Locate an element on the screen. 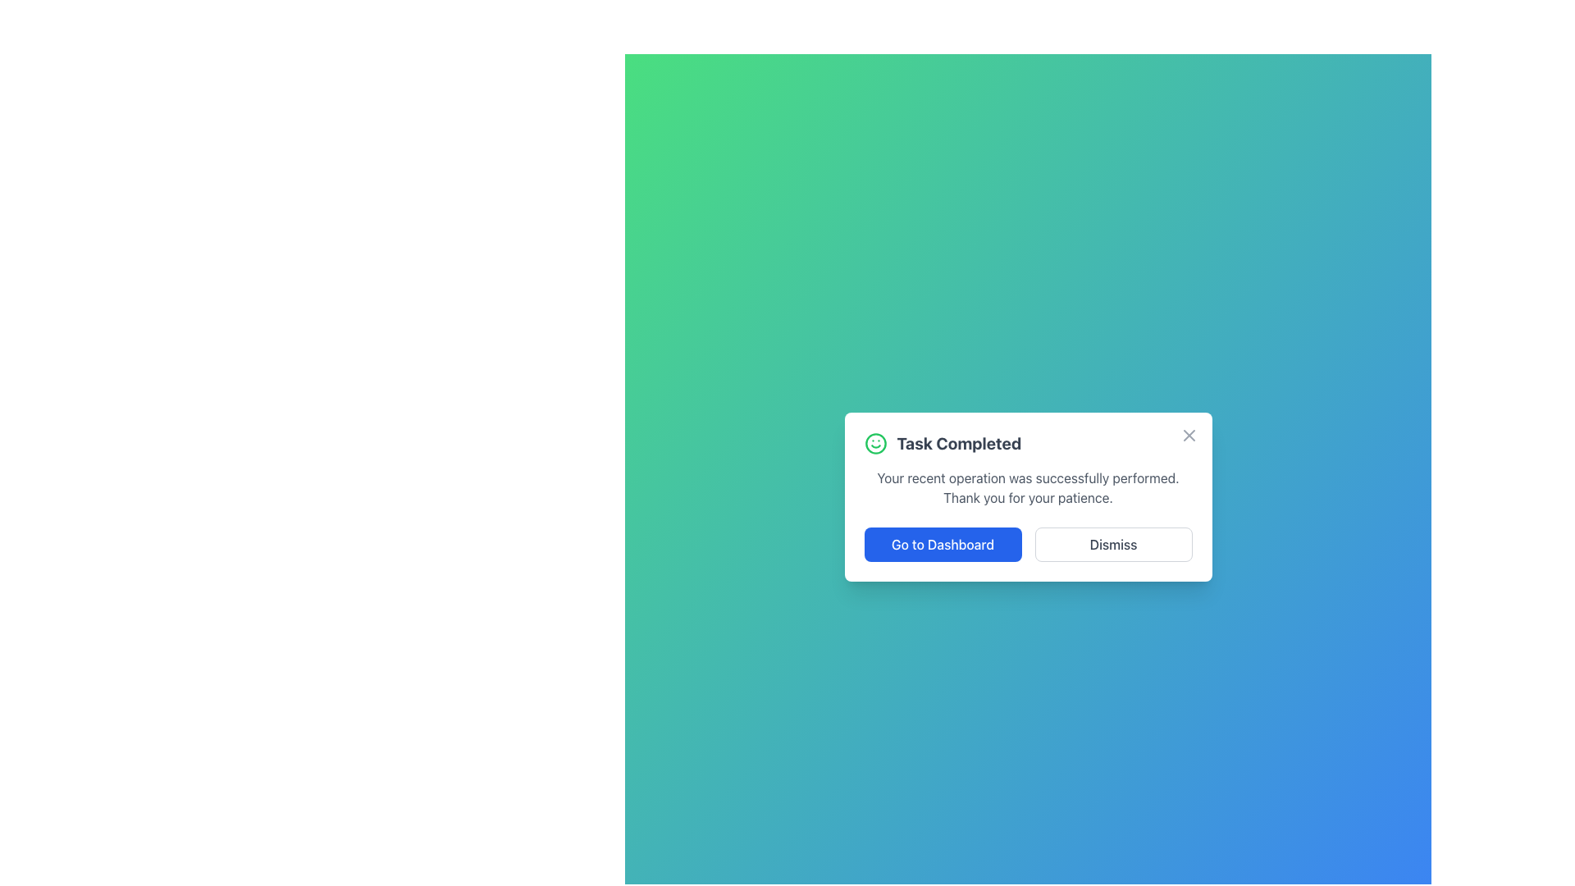 Image resolution: width=1575 pixels, height=886 pixels. the smiley icon representing positivity, located to the left of the 'Task Completed' text in the confirmation message box is located at coordinates (874, 443).